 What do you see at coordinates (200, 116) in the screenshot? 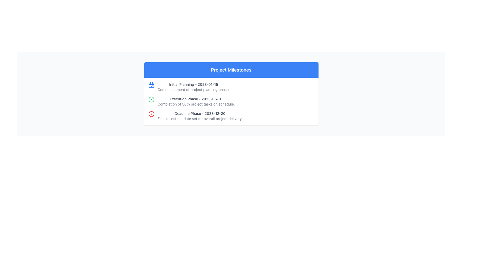
I see `the text display element that shows 'Deadline Phase - 2023-12-20' and 'Final milestone date set for overall project delivery.'` at bounding box center [200, 116].